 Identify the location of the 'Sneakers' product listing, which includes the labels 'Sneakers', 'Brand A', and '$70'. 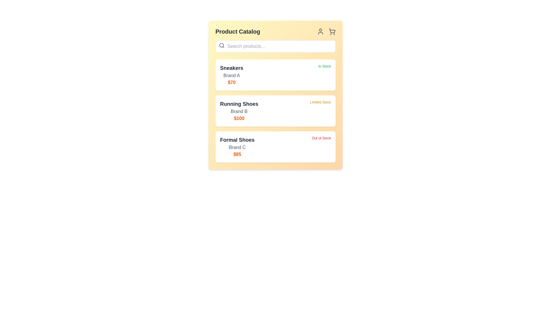
(232, 74).